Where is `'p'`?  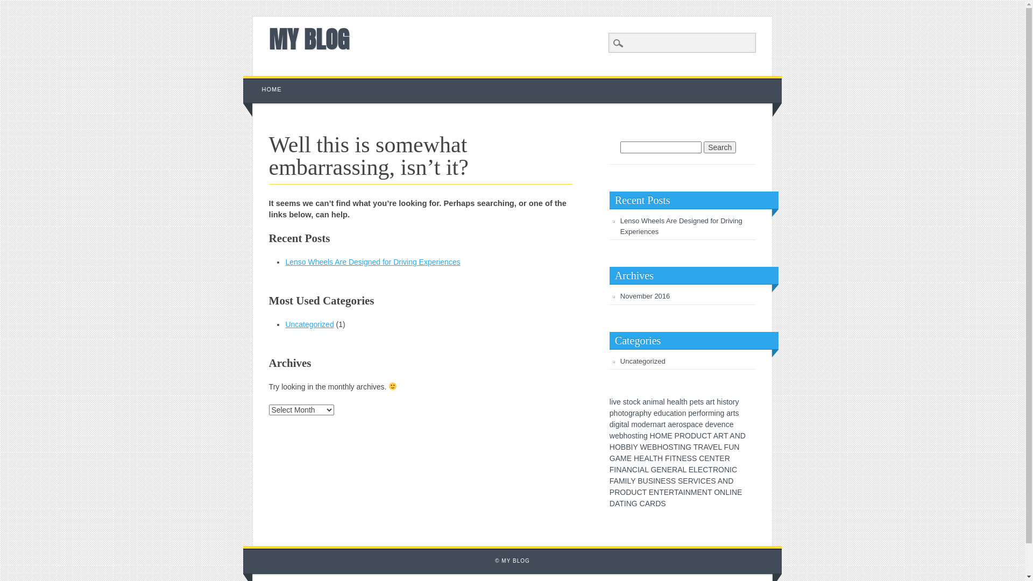
'p' is located at coordinates (689, 424).